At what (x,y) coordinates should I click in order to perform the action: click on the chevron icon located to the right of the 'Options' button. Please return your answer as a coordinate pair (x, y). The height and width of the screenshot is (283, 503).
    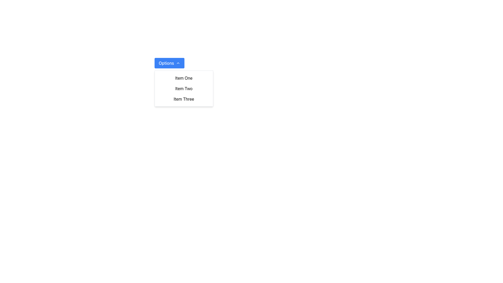
    Looking at the image, I should click on (178, 63).